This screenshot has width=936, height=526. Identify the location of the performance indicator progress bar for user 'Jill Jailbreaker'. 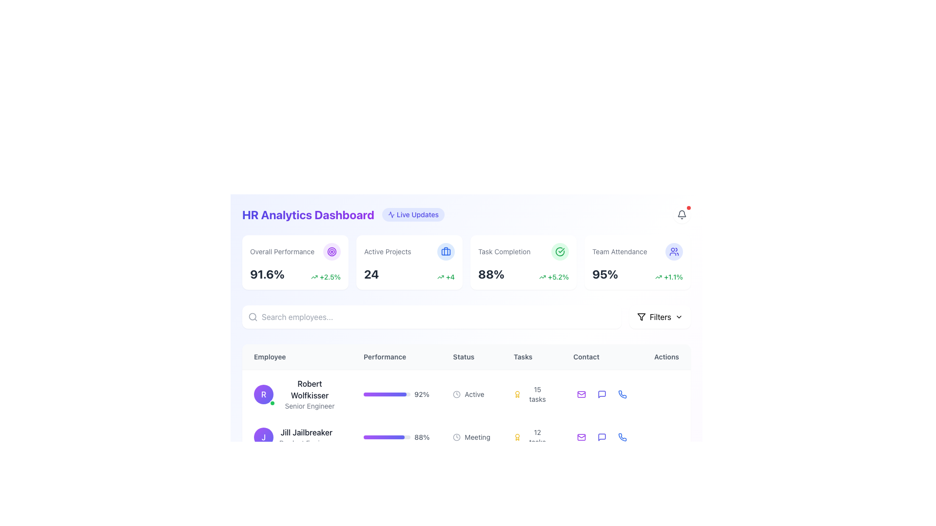
(396, 437).